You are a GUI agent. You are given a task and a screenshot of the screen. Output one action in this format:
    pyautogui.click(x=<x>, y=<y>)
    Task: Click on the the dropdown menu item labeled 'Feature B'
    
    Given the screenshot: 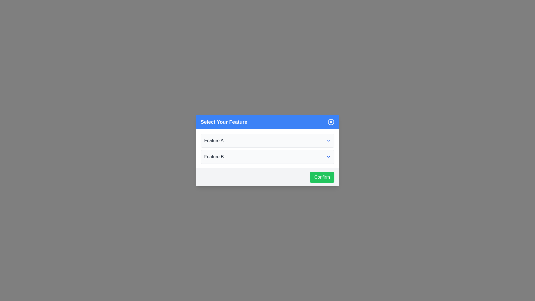 What is the action you would take?
    pyautogui.click(x=267, y=157)
    